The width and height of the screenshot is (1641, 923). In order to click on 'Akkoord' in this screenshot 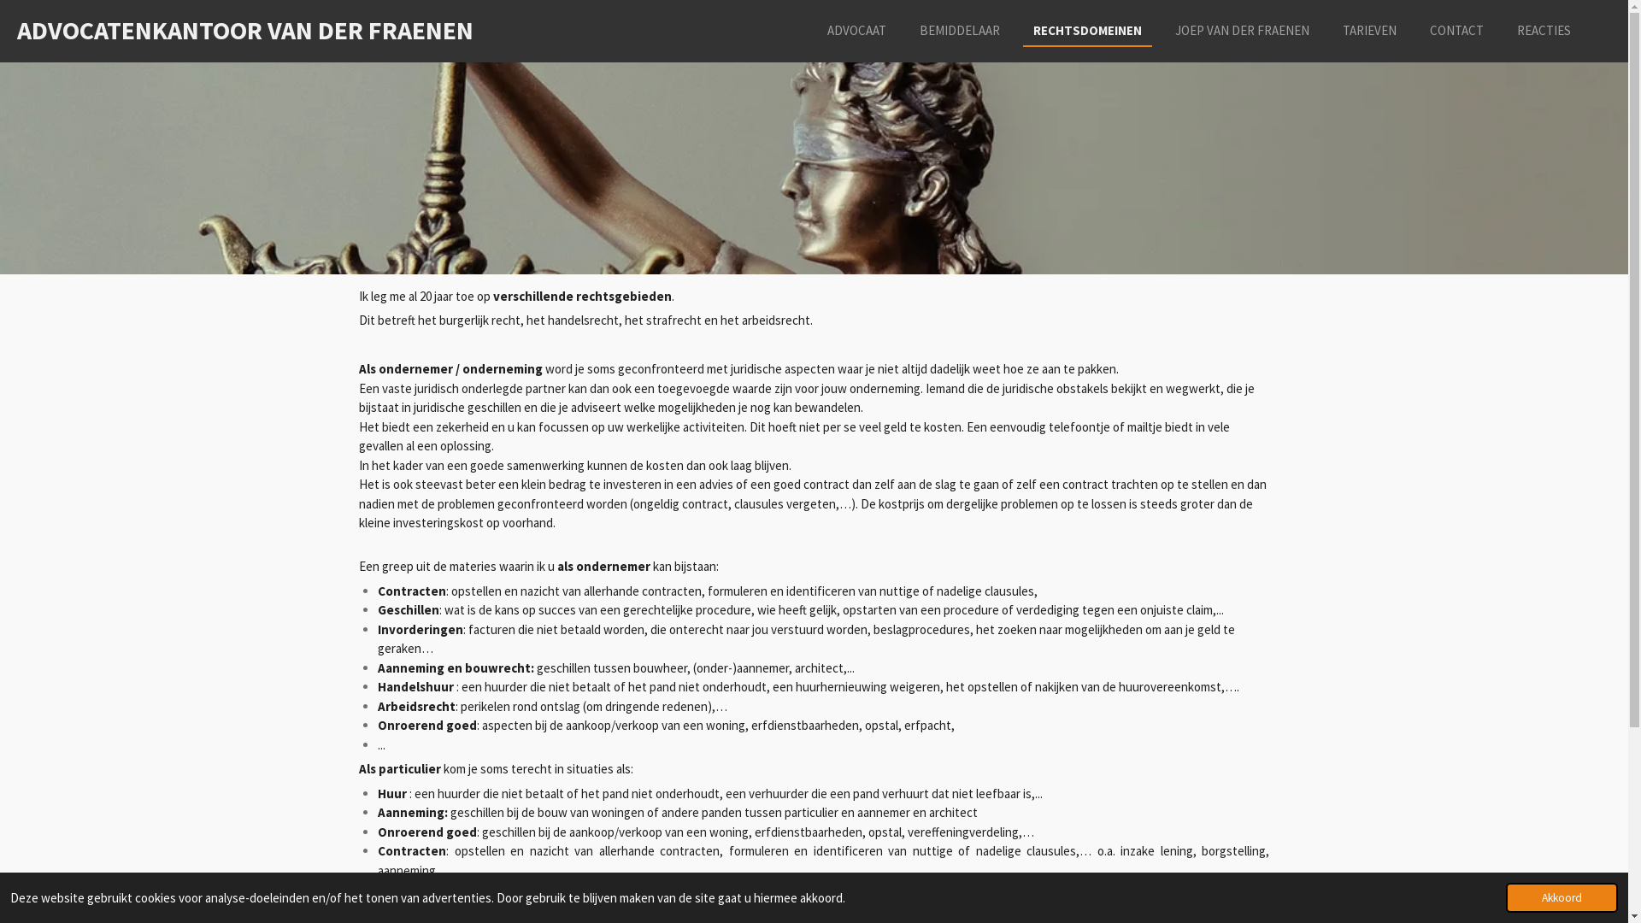, I will do `click(1562, 897)`.